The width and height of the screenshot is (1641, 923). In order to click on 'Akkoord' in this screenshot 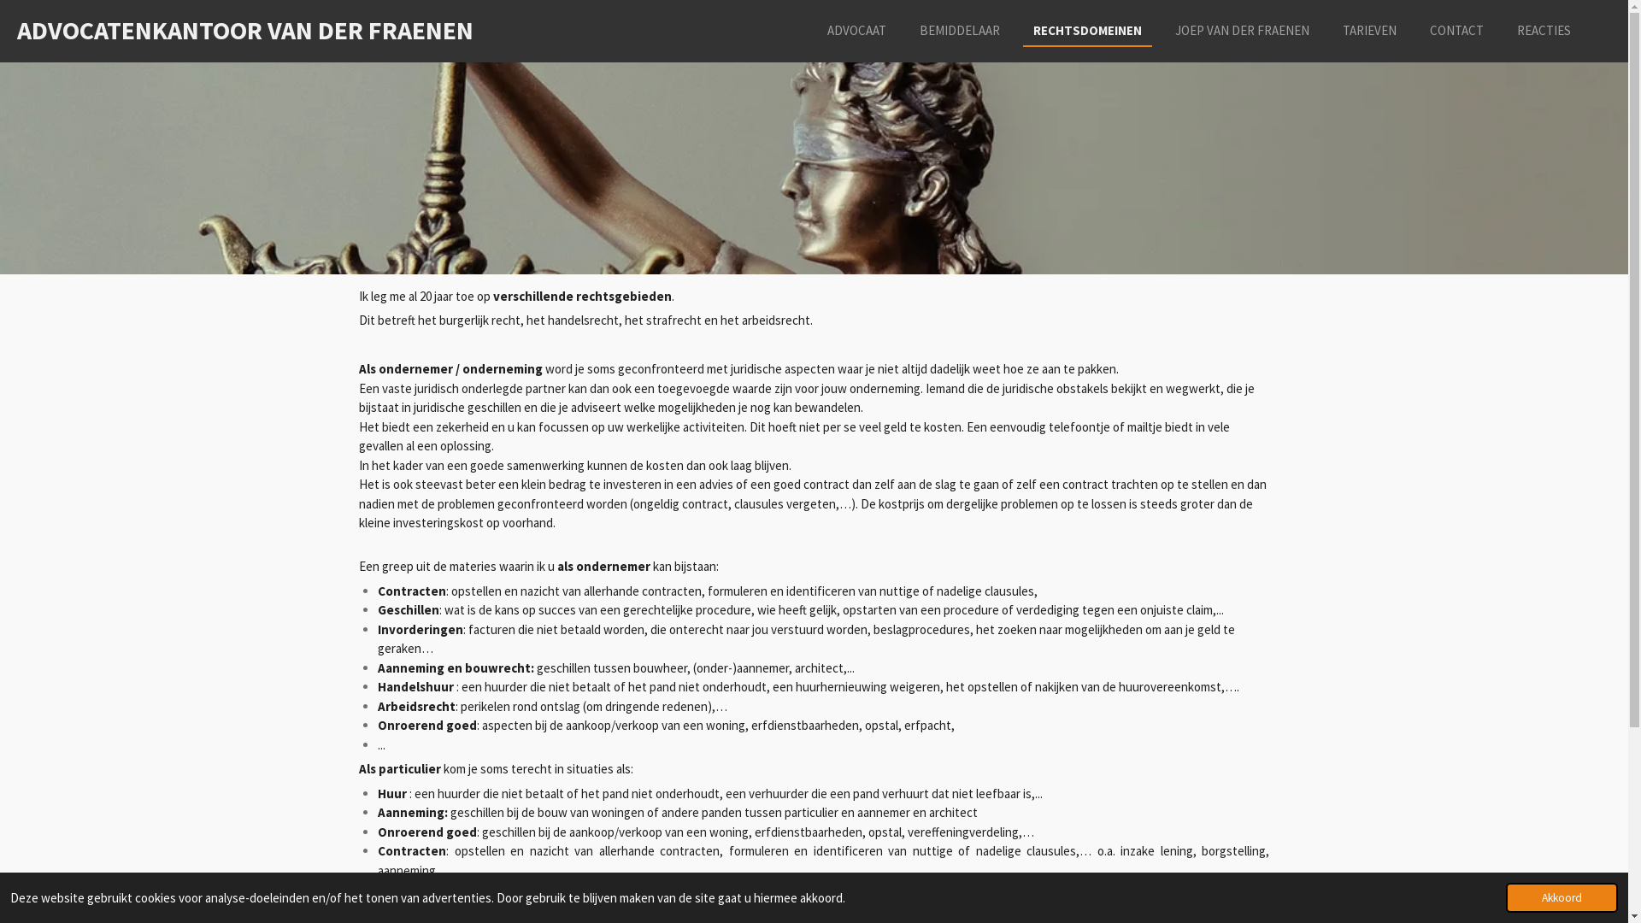, I will do `click(1562, 897)`.